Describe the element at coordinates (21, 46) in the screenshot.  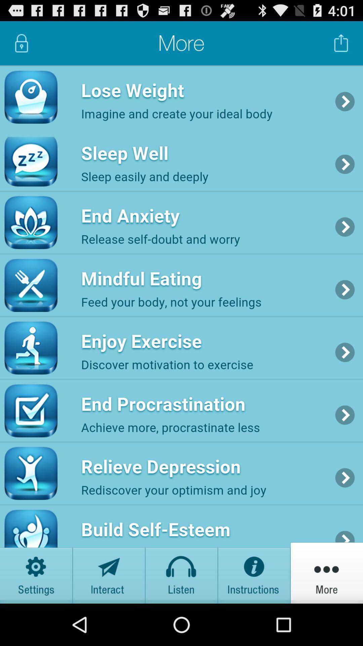
I see `the lock icon` at that location.